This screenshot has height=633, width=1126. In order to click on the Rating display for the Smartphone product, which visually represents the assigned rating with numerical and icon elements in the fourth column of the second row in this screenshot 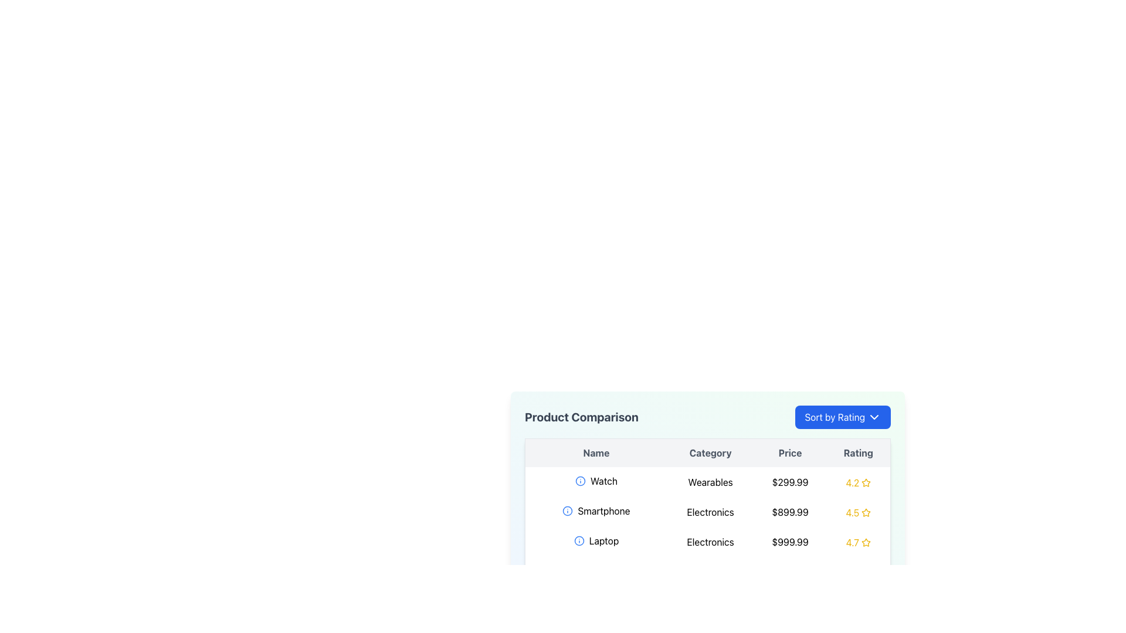, I will do `click(858, 512)`.